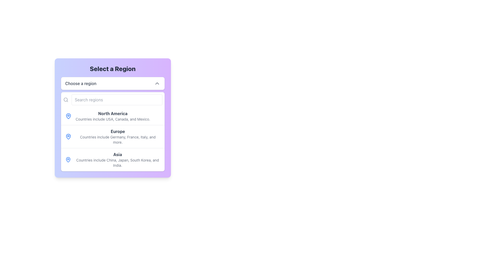 The image size is (498, 280). I want to click on the informational list item summarizing the 'Europe' region, which is the second option in the list of regions, so click(117, 136).